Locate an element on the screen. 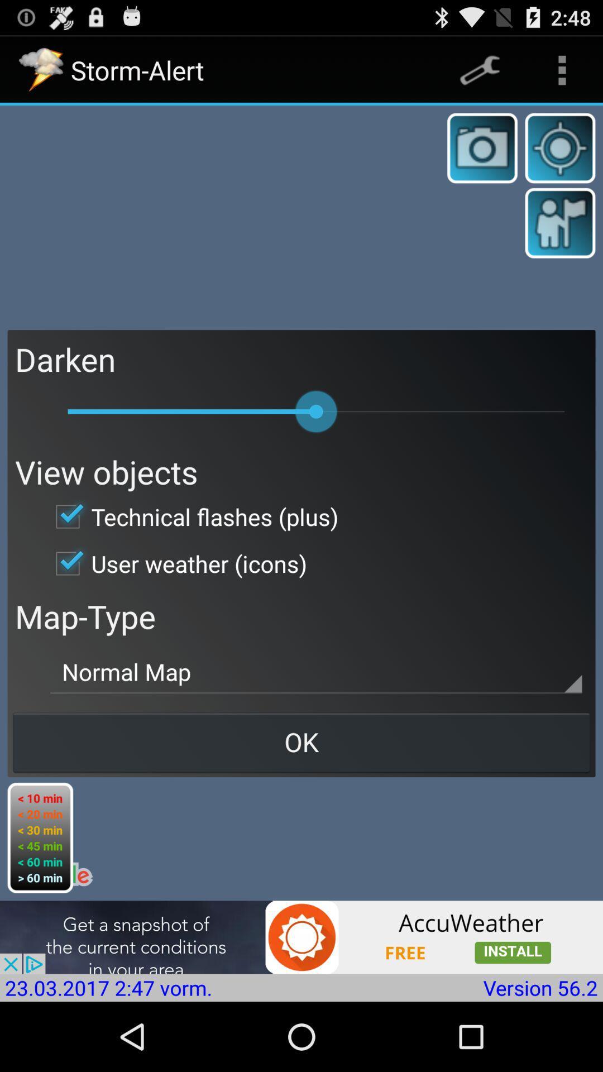 Image resolution: width=603 pixels, height=1072 pixels. the location_crosshair icon is located at coordinates (560, 158).